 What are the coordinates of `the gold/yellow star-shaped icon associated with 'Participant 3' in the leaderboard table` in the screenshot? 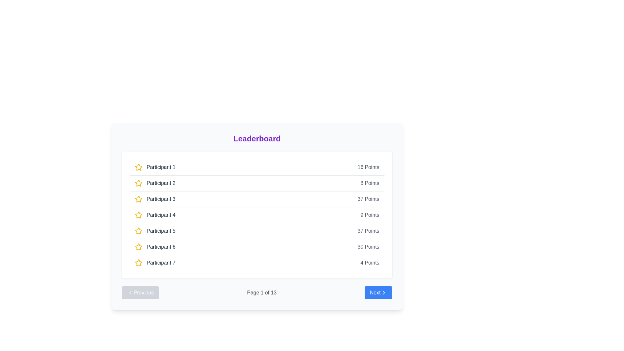 It's located at (138, 199).